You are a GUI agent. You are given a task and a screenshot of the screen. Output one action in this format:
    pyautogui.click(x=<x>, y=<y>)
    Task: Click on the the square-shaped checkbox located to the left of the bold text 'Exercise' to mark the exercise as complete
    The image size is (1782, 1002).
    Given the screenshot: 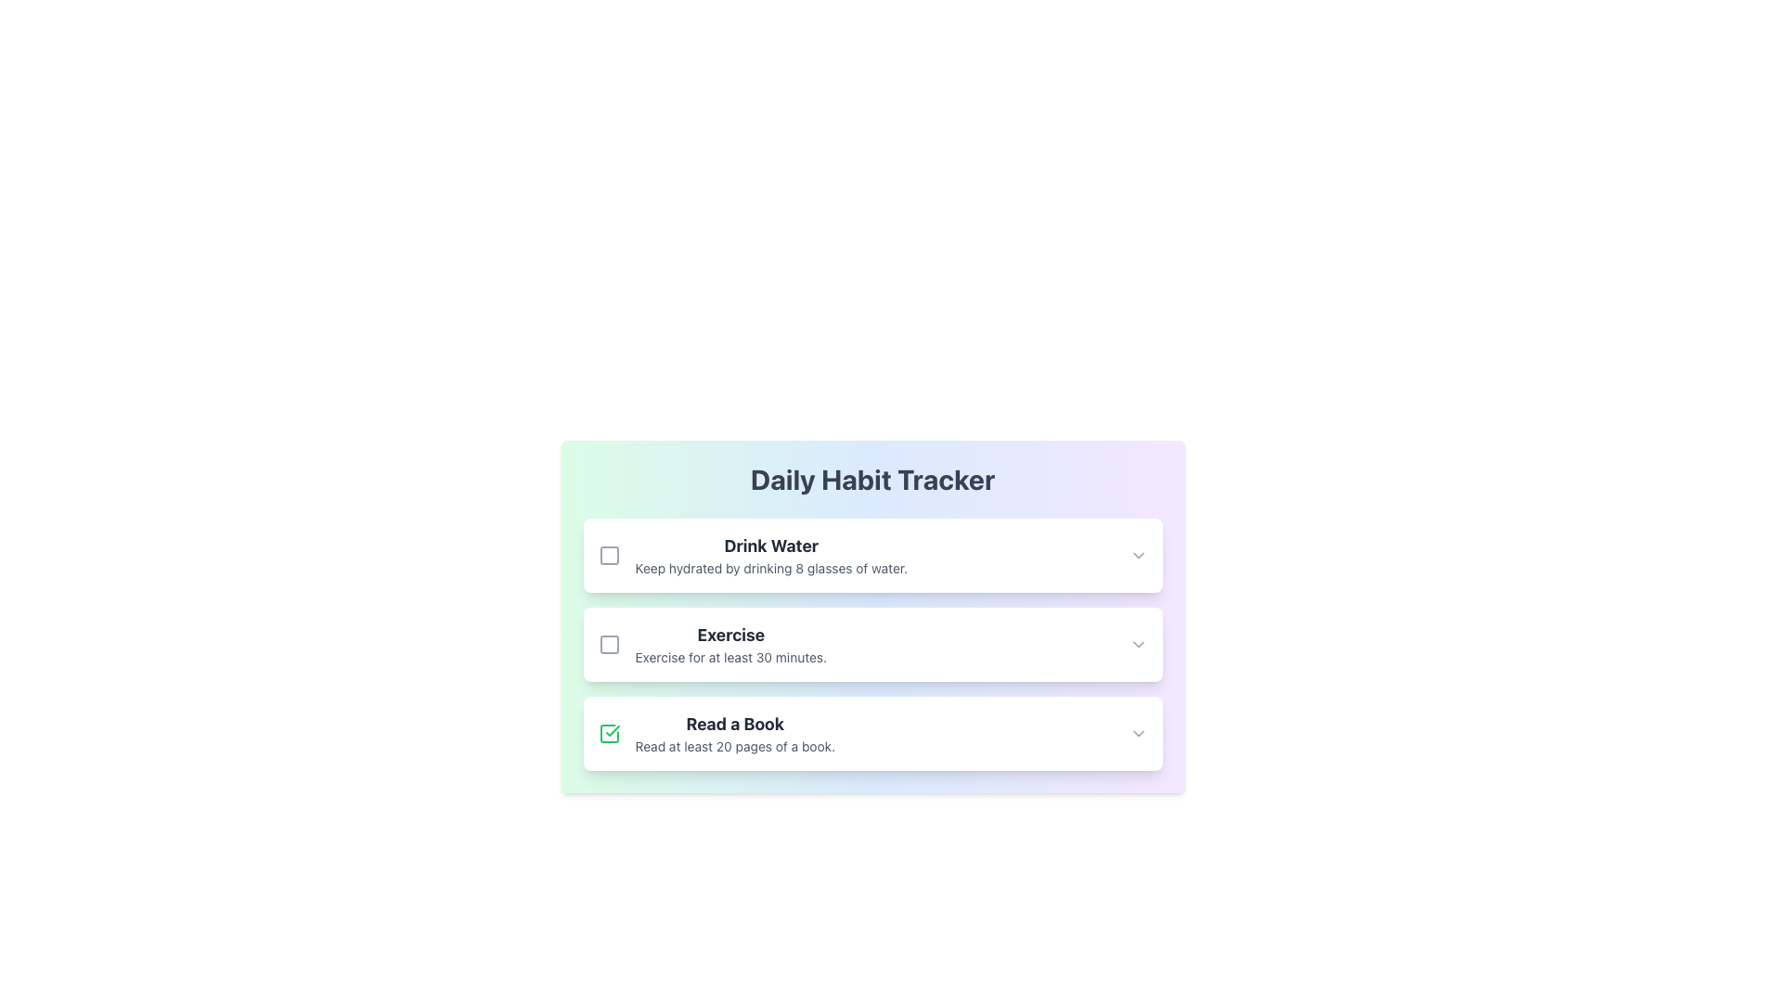 What is the action you would take?
    pyautogui.click(x=609, y=643)
    